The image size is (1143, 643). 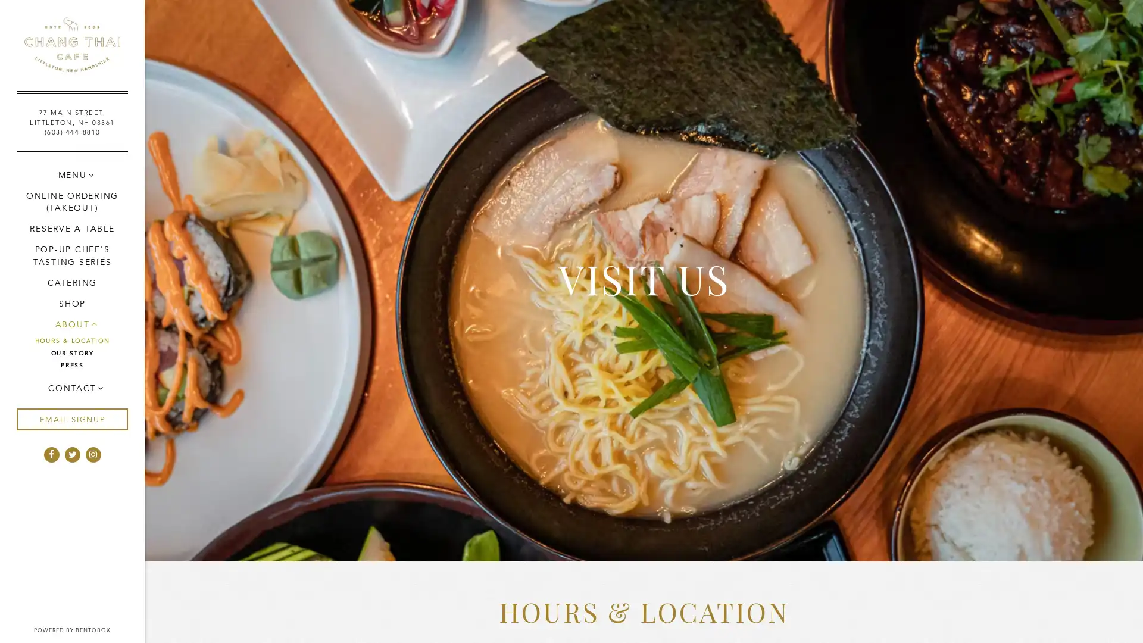 What do you see at coordinates (71, 419) in the screenshot?
I see `EMAIL SIGNUP` at bounding box center [71, 419].